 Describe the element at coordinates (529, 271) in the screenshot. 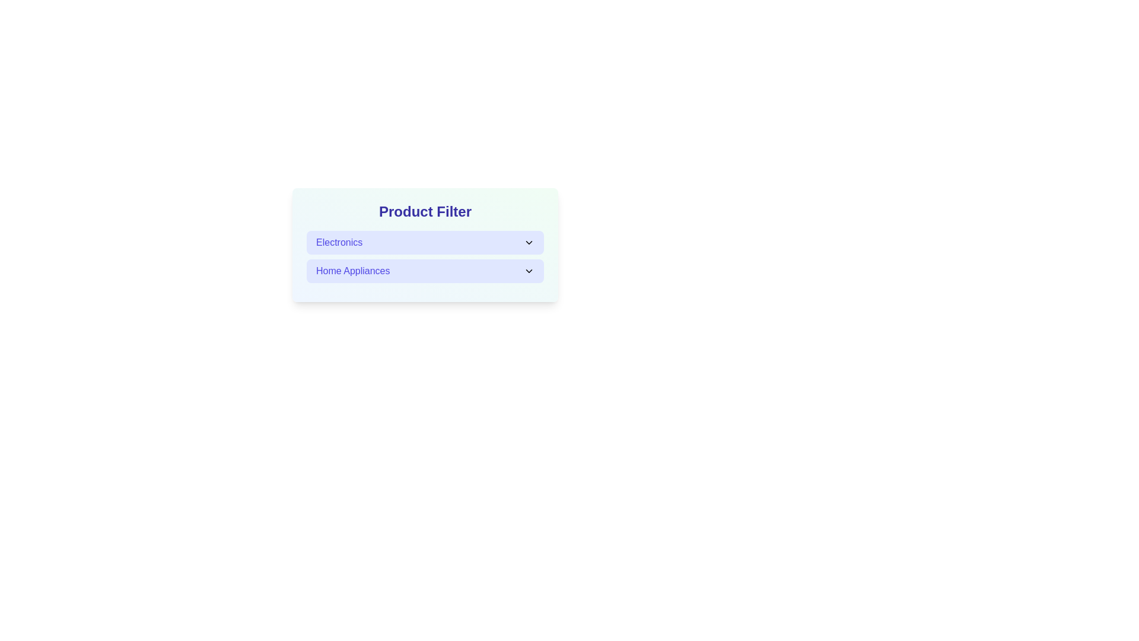

I see `the downwards-pointing chevron icon located on the right side of the 'Home Appliances' row in the 'Product Filter' section` at that location.